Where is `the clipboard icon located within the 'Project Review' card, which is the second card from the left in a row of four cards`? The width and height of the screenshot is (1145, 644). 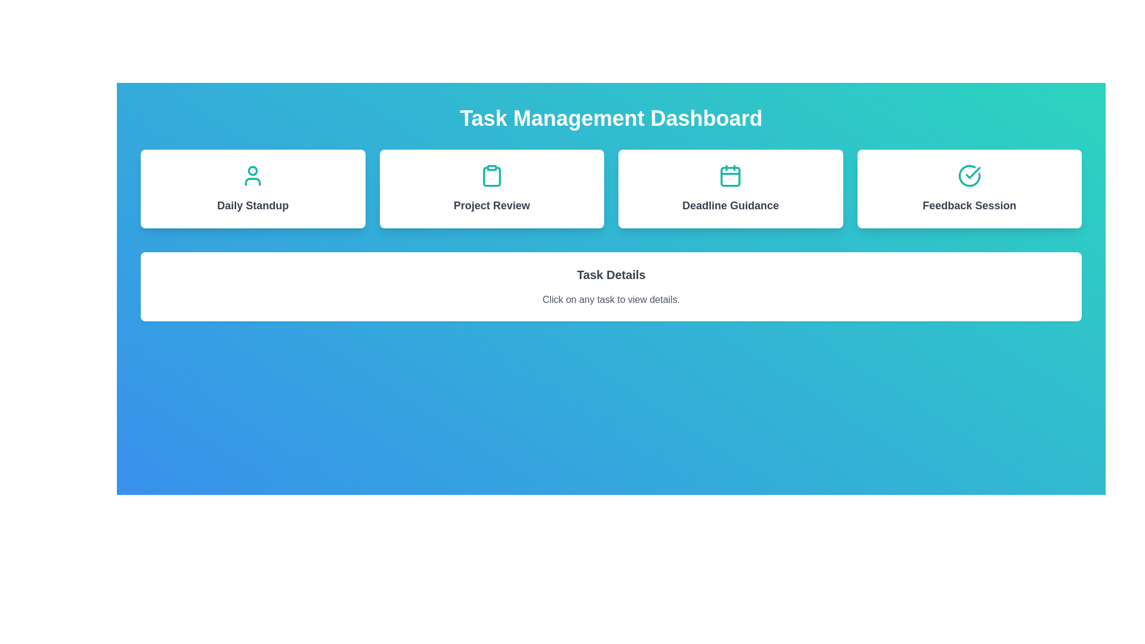 the clipboard icon located within the 'Project Review' card, which is the second card from the left in a row of four cards is located at coordinates (491, 177).